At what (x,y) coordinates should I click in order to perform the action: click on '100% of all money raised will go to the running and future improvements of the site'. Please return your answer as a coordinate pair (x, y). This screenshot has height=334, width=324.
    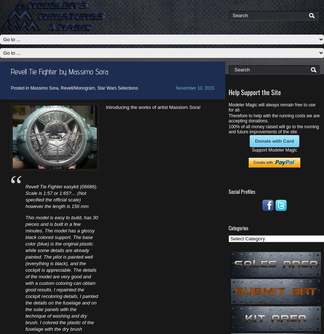
    Looking at the image, I should click on (273, 128).